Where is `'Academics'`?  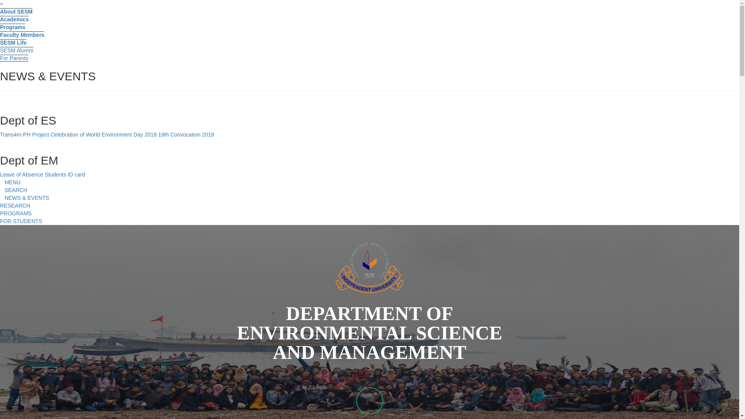 'Academics' is located at coordinates (14, 19).